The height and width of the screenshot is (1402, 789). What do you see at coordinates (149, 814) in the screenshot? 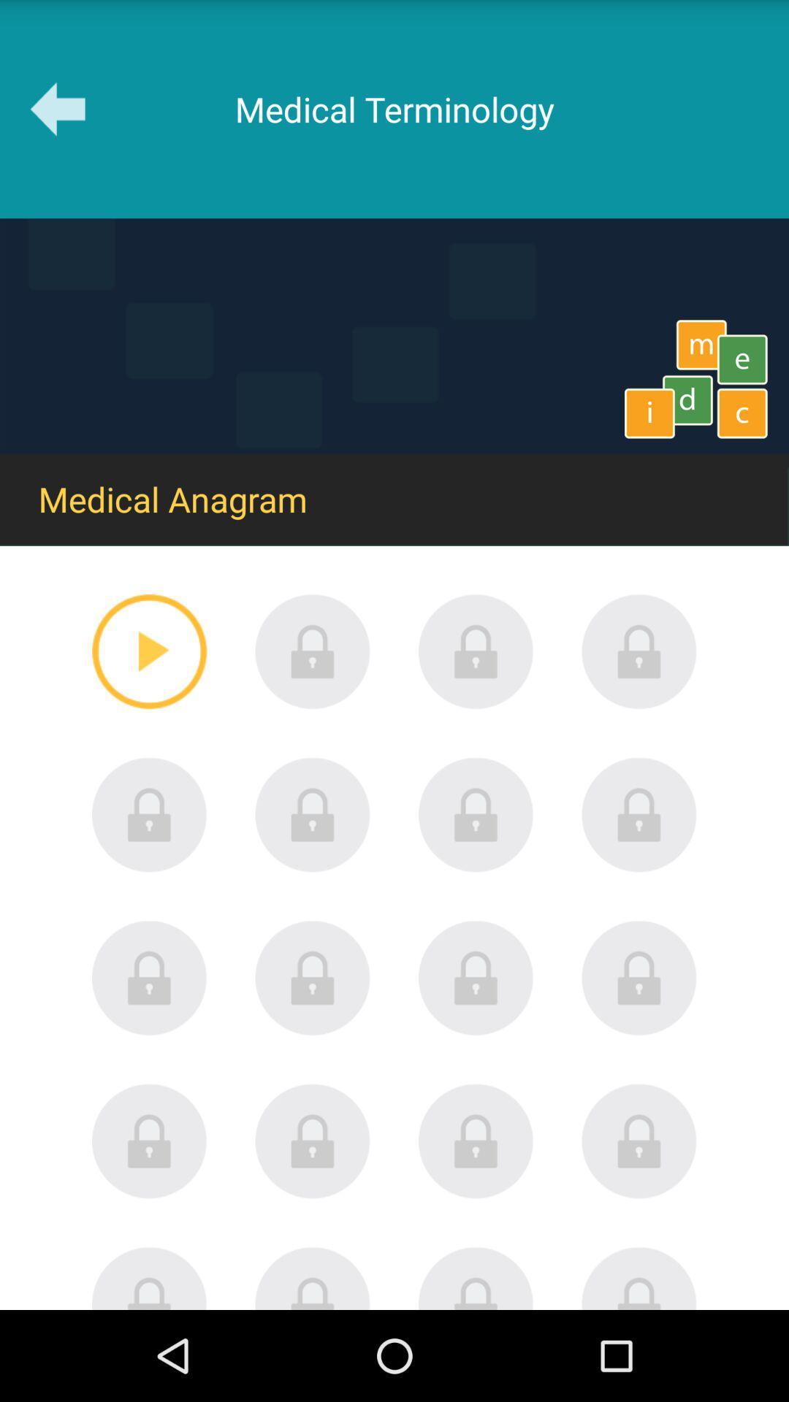
I see `menu is locked` at bounding box center [149, 814].